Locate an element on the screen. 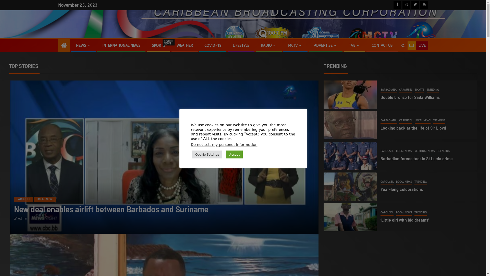 Image resolution: width=490 pixels, height=276 pixels. 'LIVE' is located at coordinates (418, 45).